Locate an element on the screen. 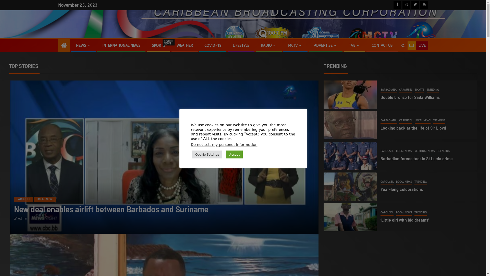 Image resolution: width=490 pixels, height=276 pixels. 'LIVE' is located at coordinates (418, 45).